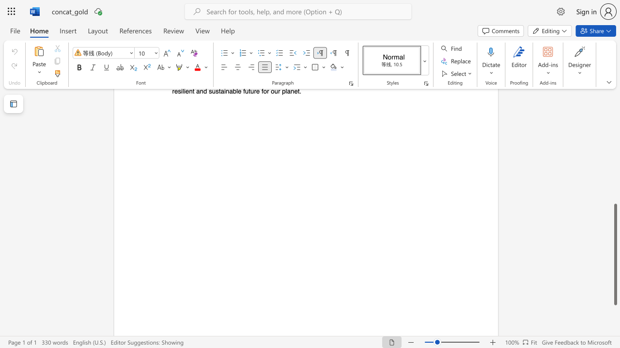 This screenshot has height=348, width=620. What do you see at coordinates (615, 254) in the screenshot?
I see `the scrollbar and move down 20 pixels` at bounding box center [615, 254].